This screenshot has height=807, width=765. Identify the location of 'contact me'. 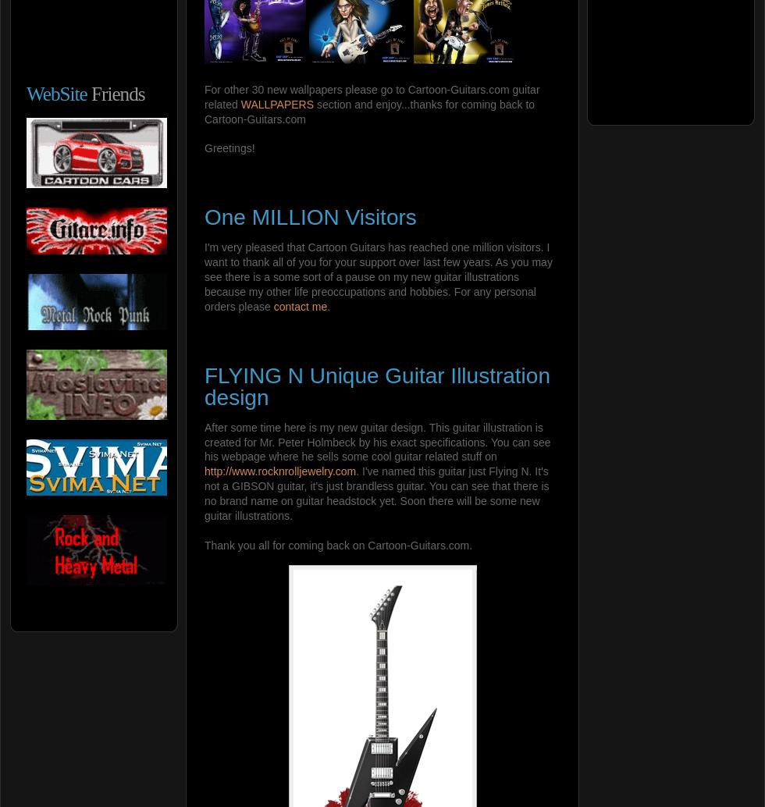
(300, 304).